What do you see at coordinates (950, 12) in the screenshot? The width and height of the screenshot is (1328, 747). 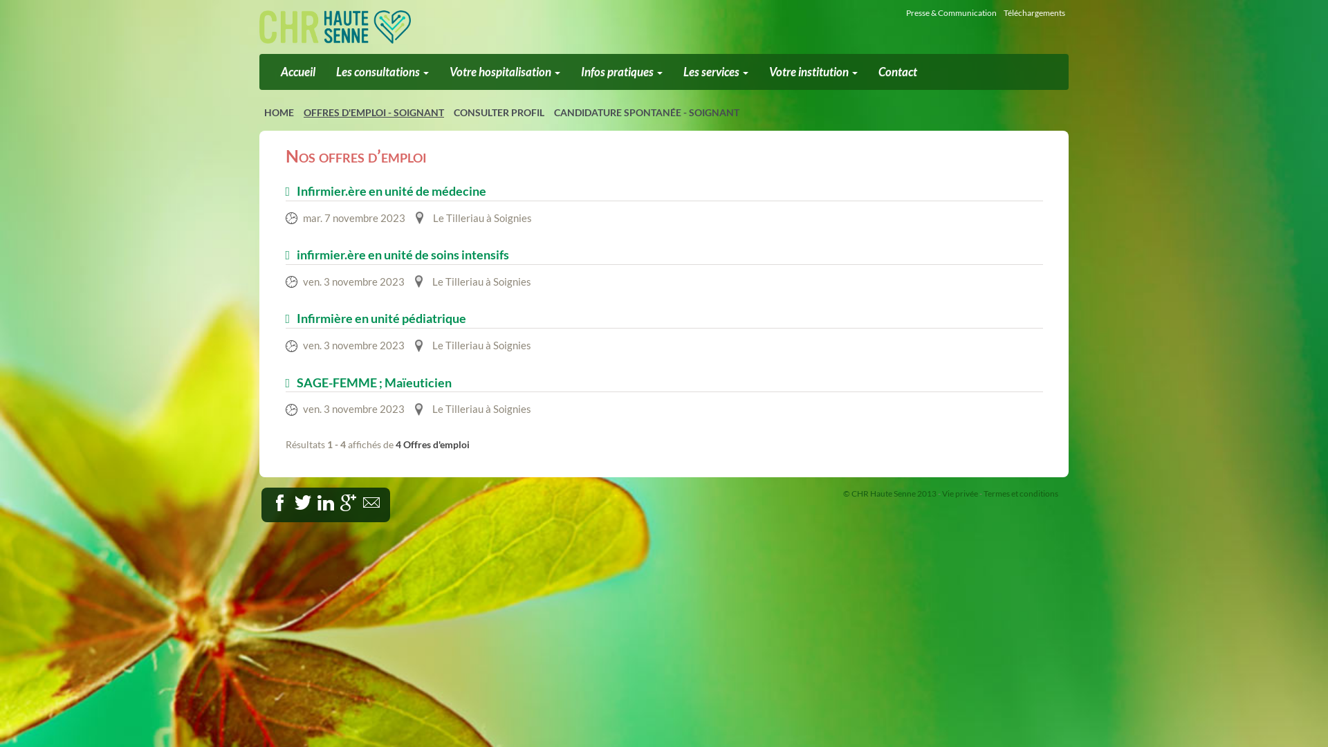 I see `'Presse & Communication'` at bounding box center [950, 12].